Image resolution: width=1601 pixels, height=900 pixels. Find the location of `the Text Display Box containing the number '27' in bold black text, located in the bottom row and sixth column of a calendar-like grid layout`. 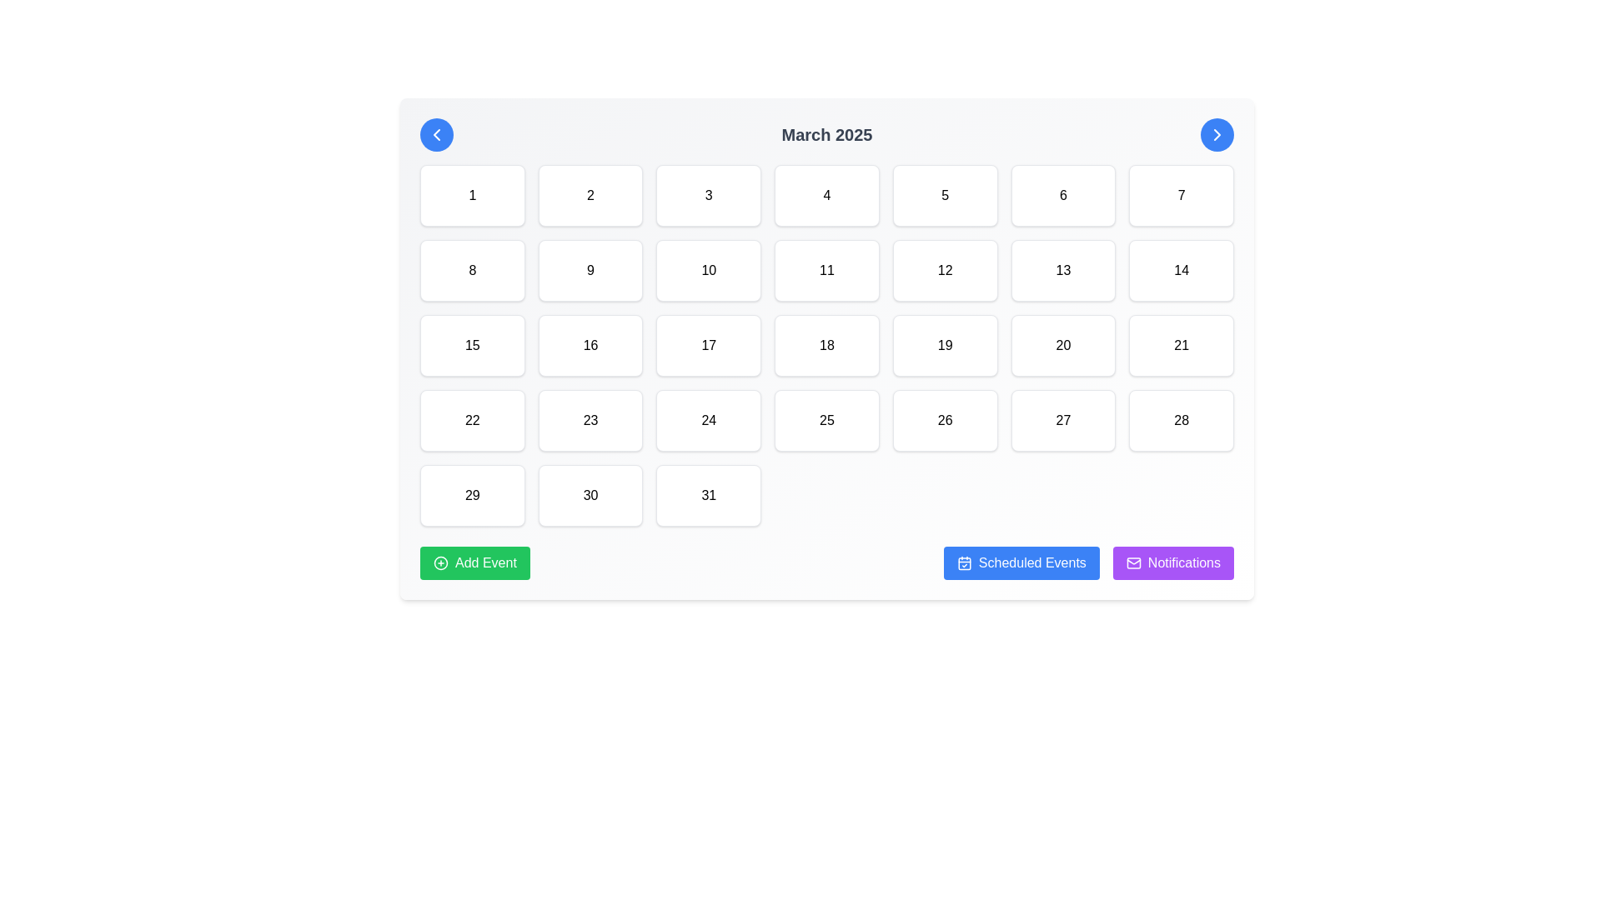

the Text Display Box containing the number '27' in bold black text, located in the bottom row and sixth column of a calendar-like grid layout is located at coordinates (1062, 420).